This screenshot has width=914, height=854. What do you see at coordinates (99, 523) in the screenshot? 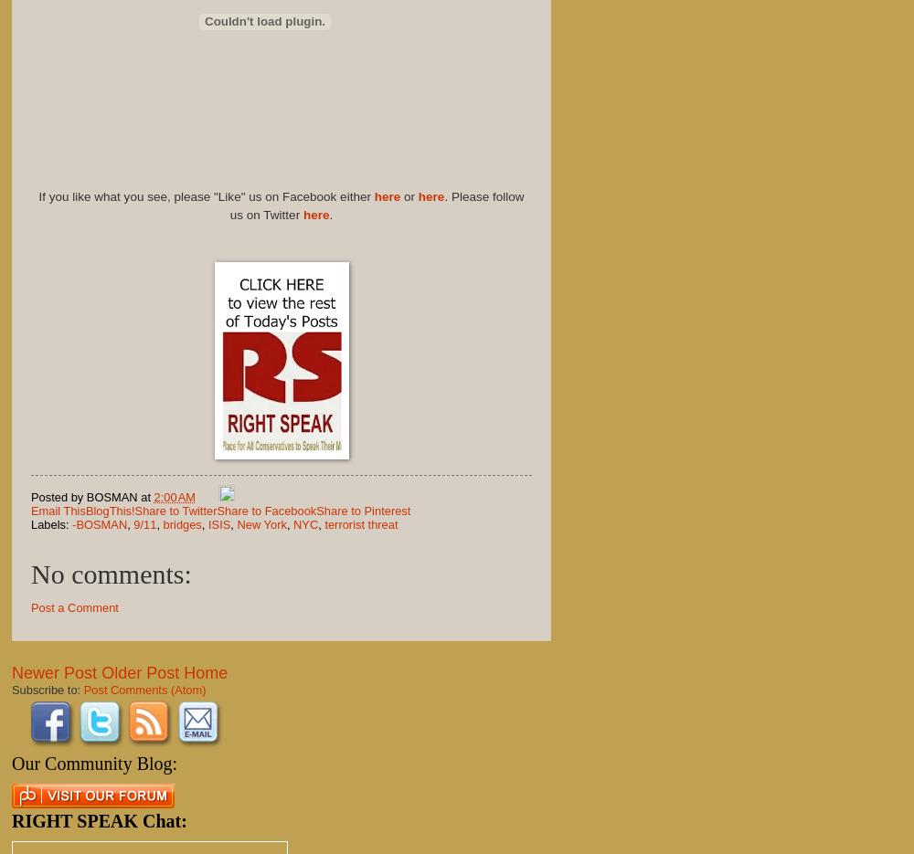
I see `'-BOSMAN'` at bounding box center [99, 523].